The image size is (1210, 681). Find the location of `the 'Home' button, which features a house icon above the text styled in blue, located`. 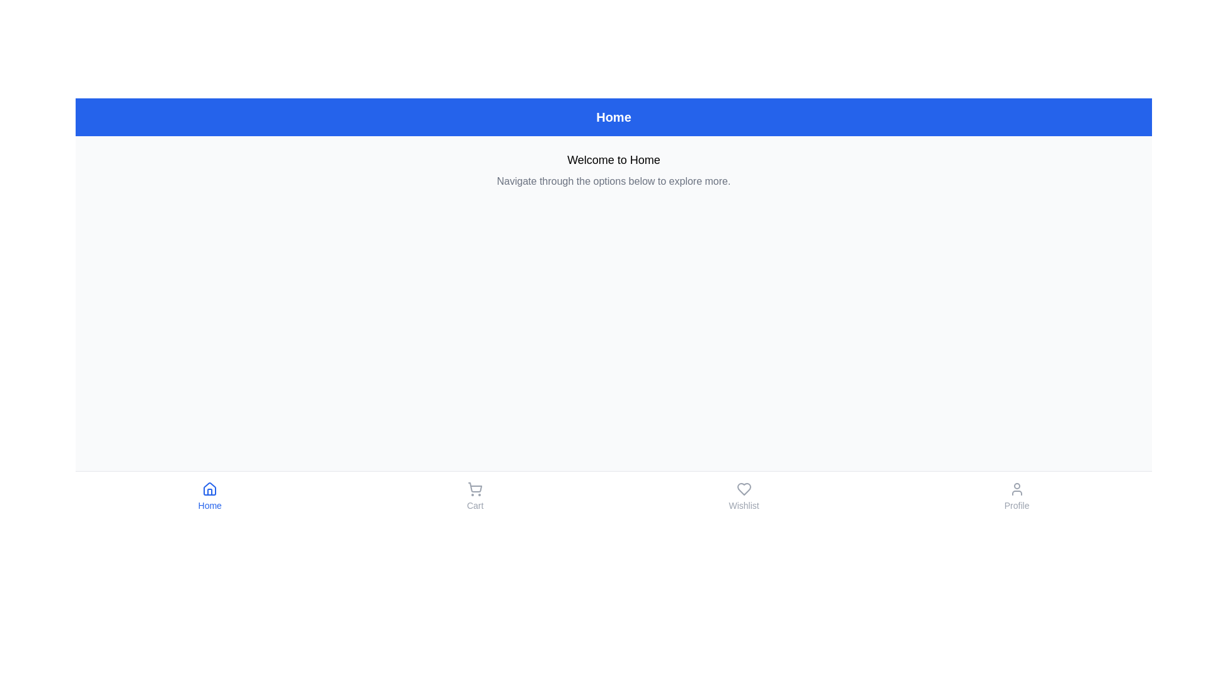

the 'Home' button, which features a house icon above the text styled in blue, located is located at coordinates (209, 496).